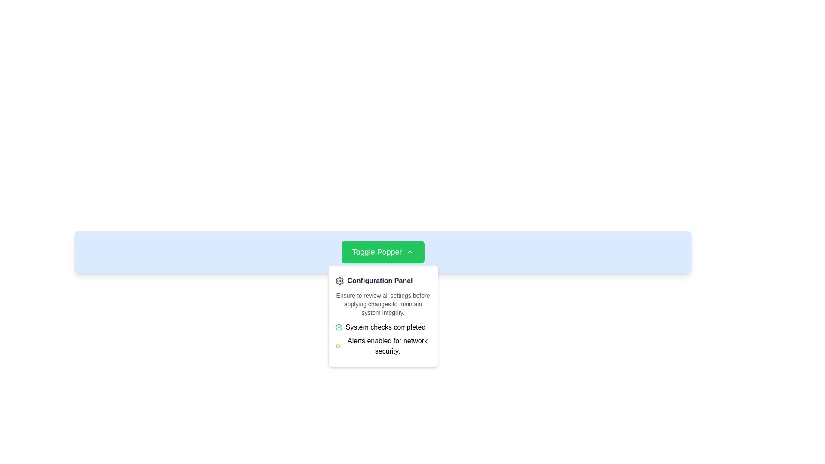  I want to click on advisory information from the Text block located beneath the 'Configuration Panel' header and above system status messages, so click(382, 304).